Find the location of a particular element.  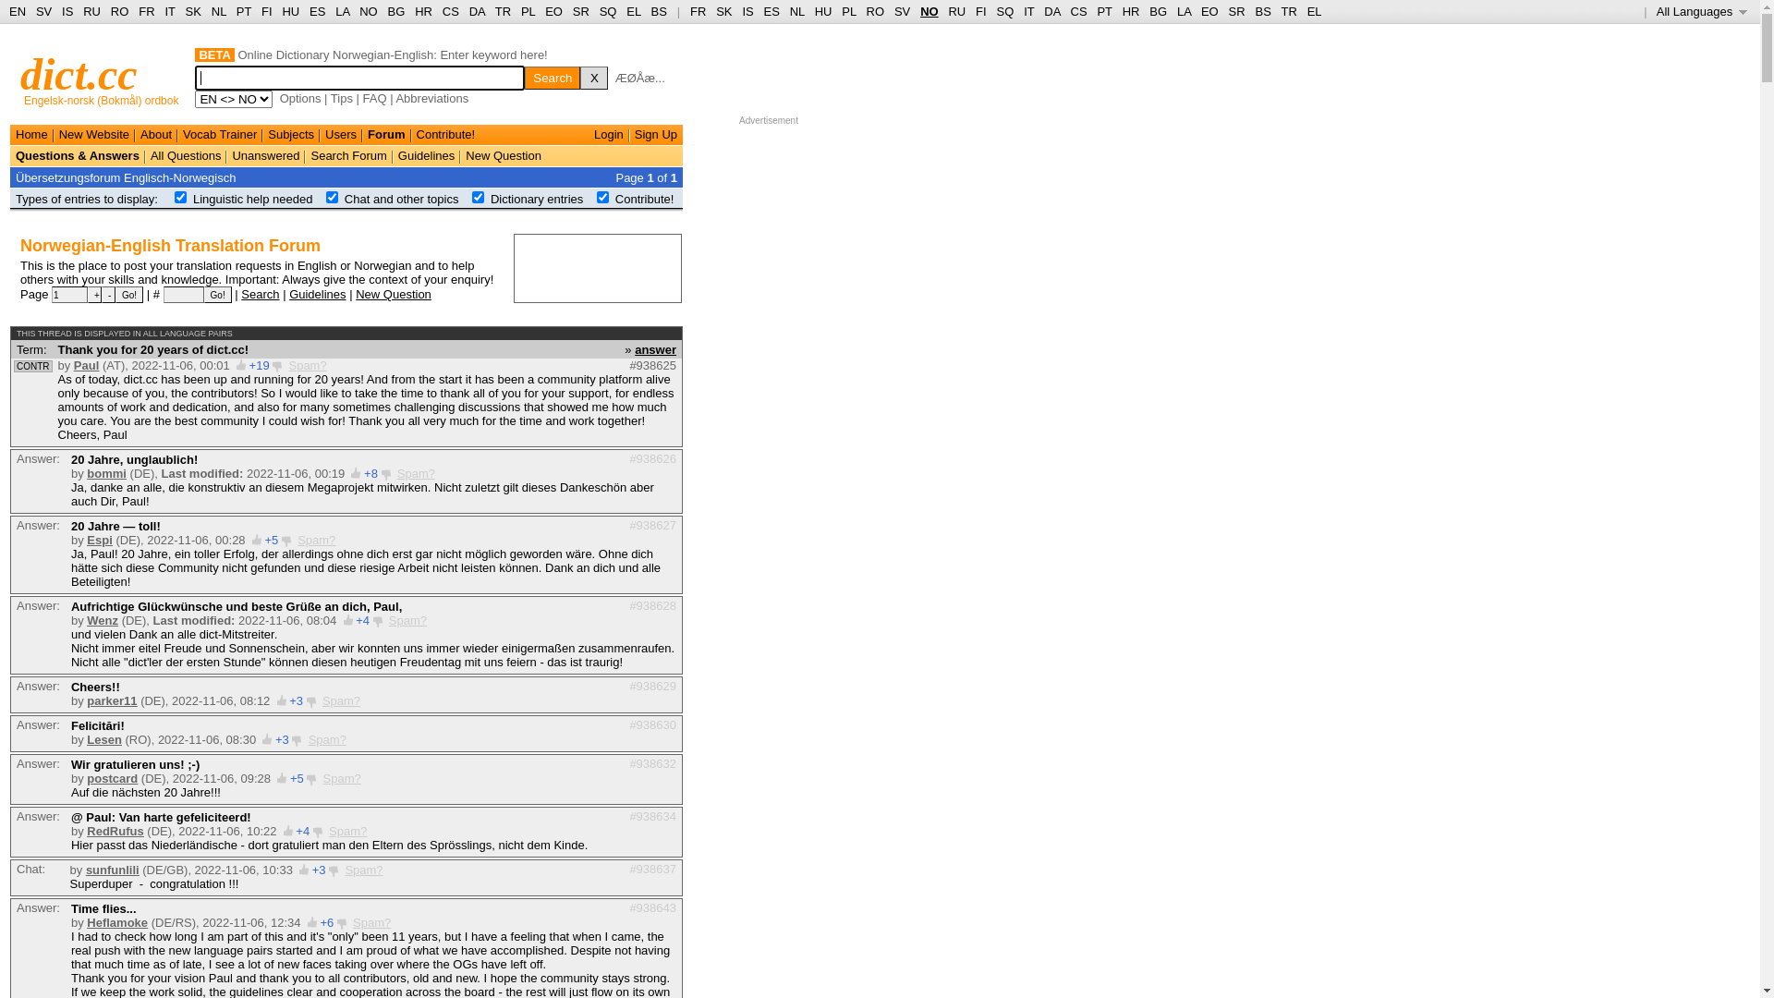

'HU' is located at coordinates (822, 11).